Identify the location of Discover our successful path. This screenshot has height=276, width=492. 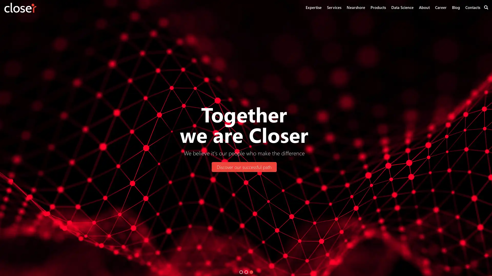
(243, 167).